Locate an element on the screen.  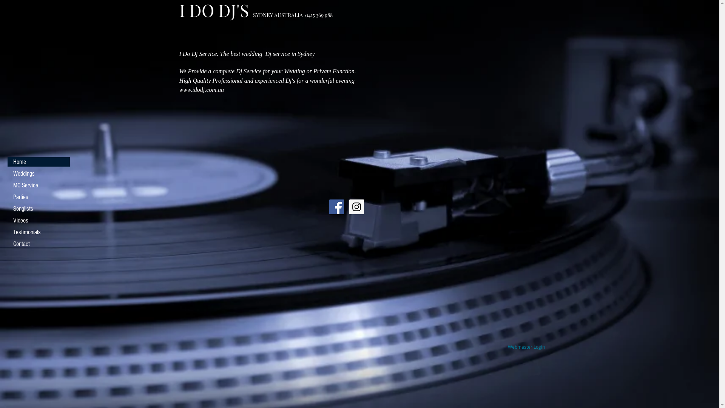
'Contact' is located at coordinates (7, 244).